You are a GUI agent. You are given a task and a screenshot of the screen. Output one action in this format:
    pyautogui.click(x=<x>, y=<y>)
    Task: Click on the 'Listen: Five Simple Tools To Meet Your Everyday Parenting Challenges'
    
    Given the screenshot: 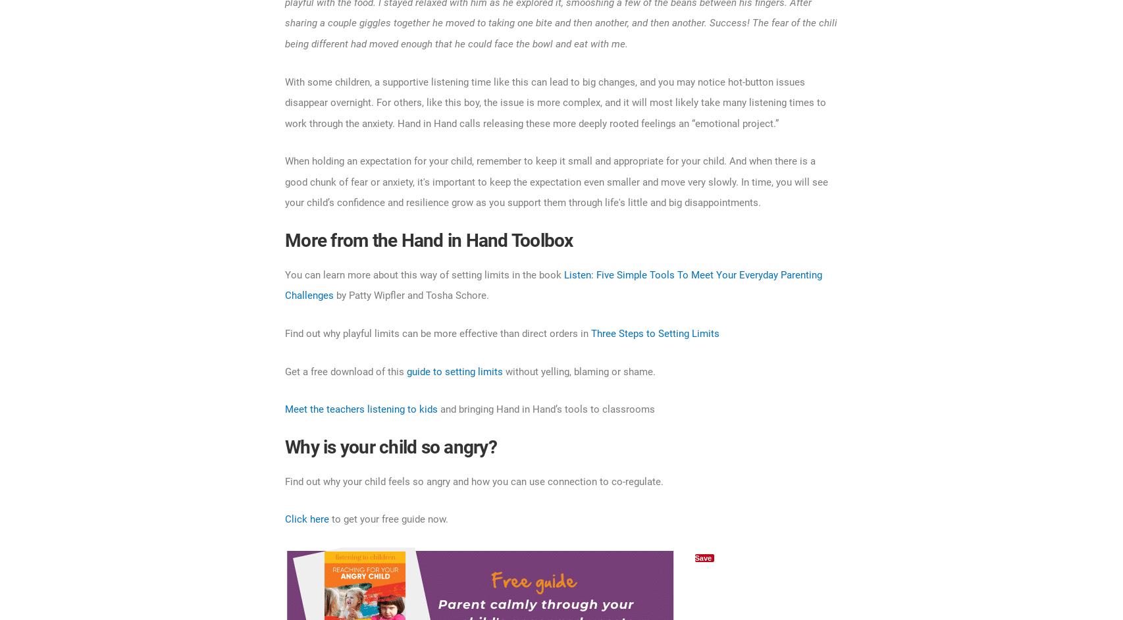 What is the action you would take?
    pyautogui.click(x=553, y=284)
    